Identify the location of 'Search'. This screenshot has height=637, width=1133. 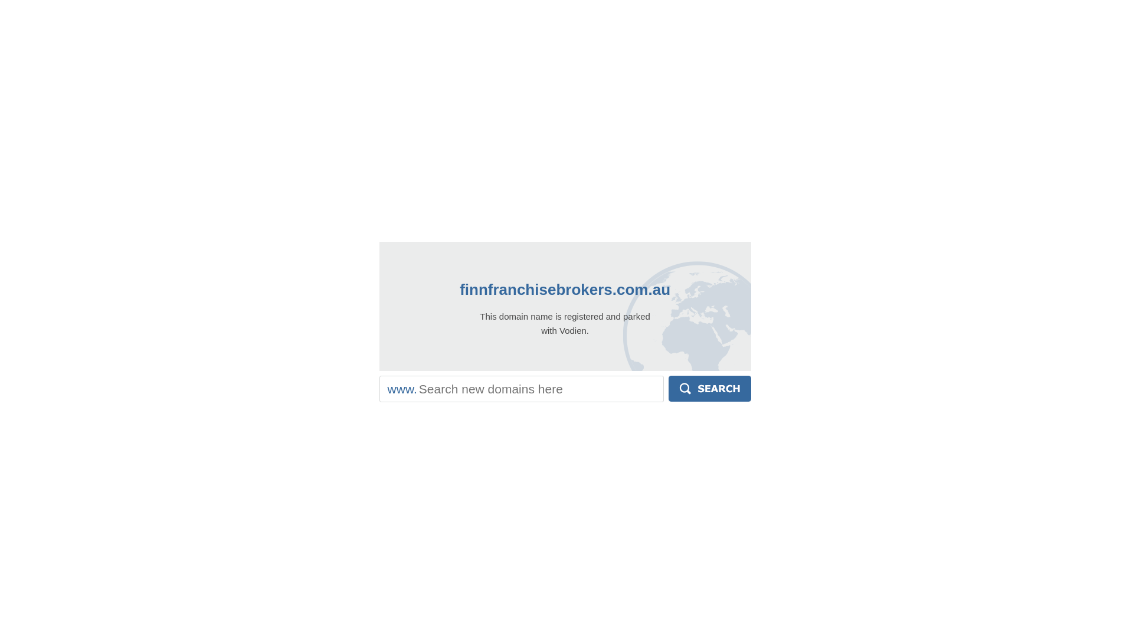
(668, 389).